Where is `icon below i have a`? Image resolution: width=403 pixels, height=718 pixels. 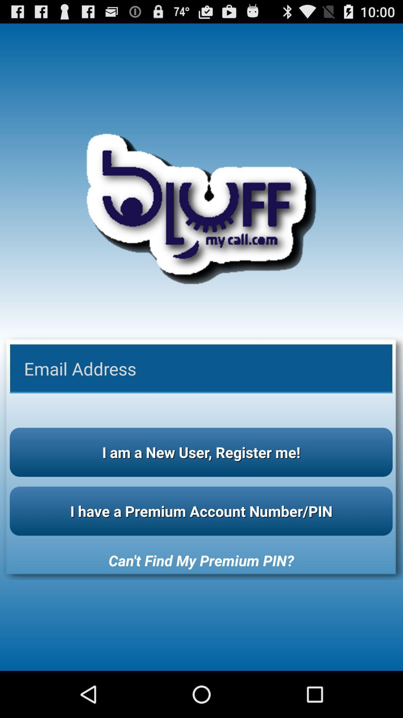
icon below i have a is located at coordinates (201, 560).